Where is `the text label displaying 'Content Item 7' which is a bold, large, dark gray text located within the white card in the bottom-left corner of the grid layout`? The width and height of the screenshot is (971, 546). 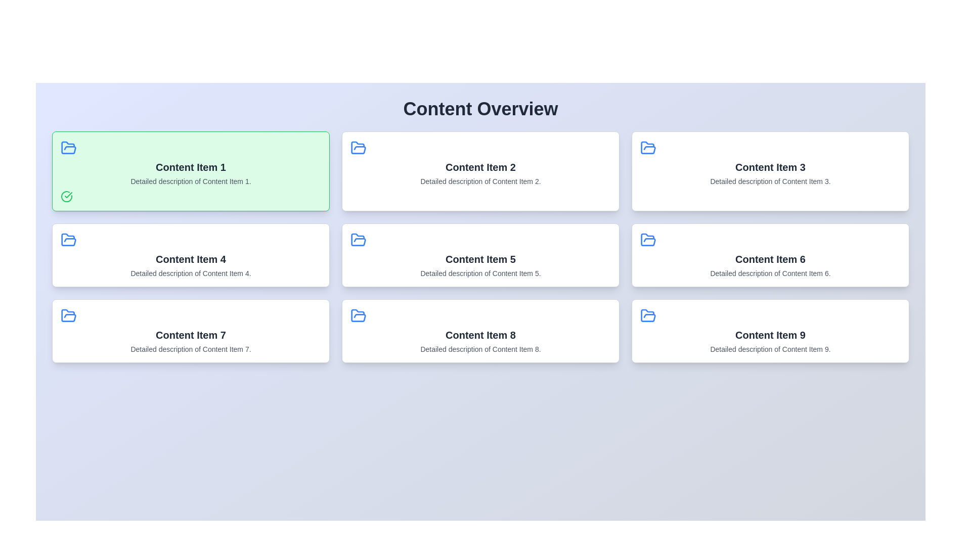 the text label displaying 'Content Item 7' which is a bold, large, dark gray text located within the white card in the bottom-left corner of the grid layout is located at coordinates (191, 335).